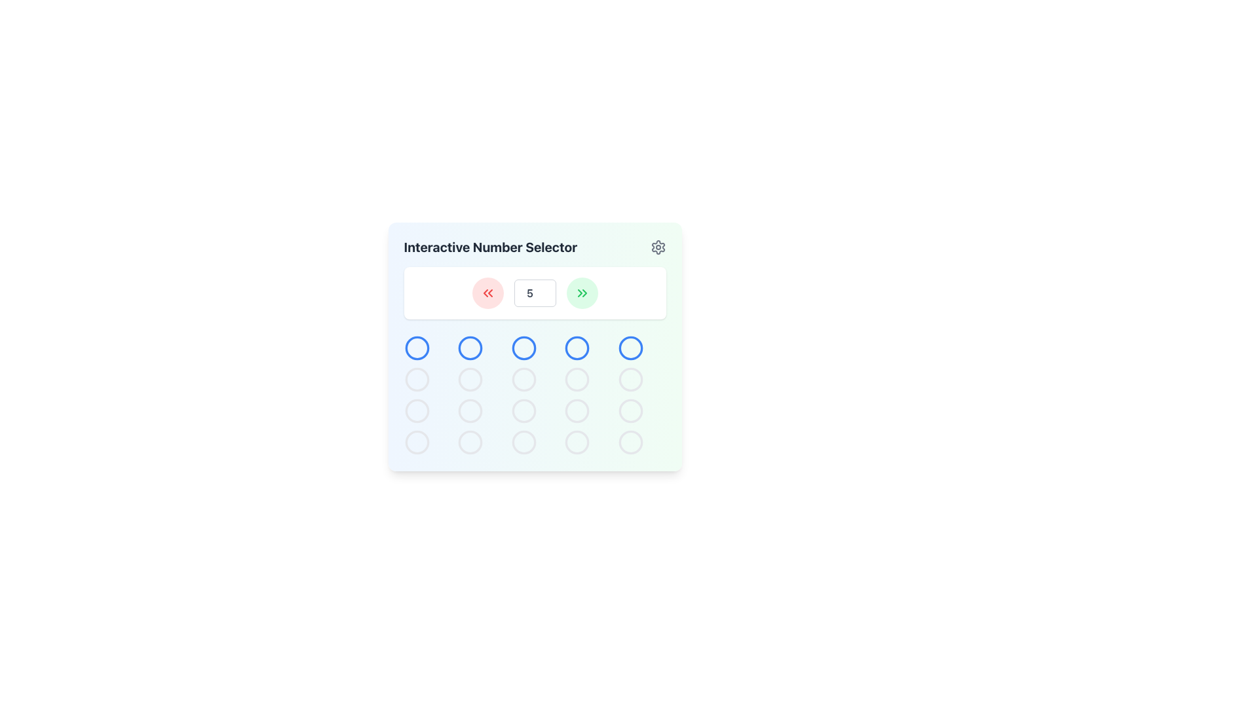 The height and width of the screenshot is (707, 1258). What do you see at coordinates (489, 292) in the screenshot?
I see `the second chevron icon on the control interface` at bounding box center [489, 292].